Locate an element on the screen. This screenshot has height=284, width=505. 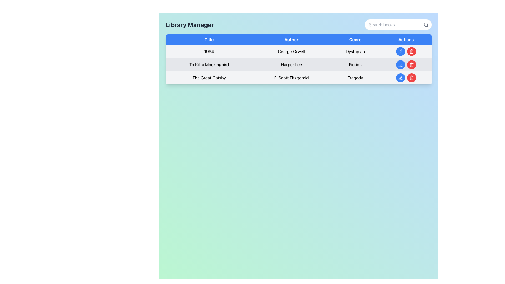
the text label displaying 'Fiction' in the third column of the second row of the table, which is associated with the book 'To Kill a Mockingbird' is located at coordinates (355, 64).